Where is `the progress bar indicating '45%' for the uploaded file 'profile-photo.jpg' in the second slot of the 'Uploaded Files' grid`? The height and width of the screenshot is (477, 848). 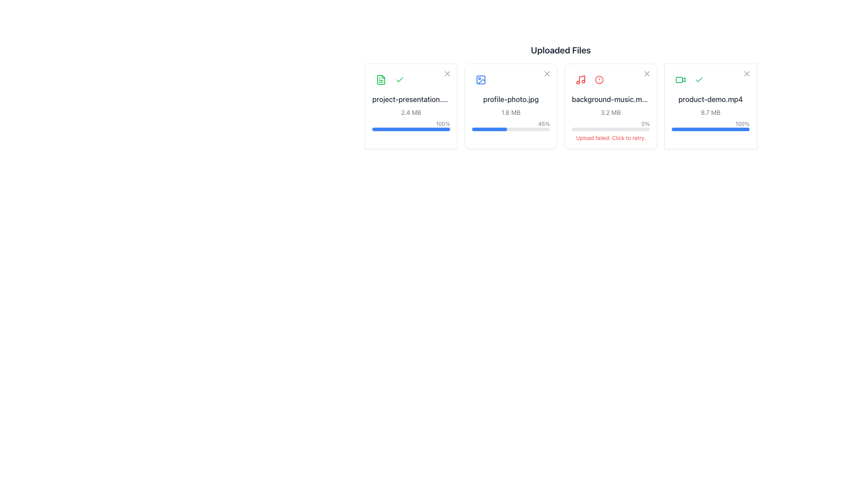
the progress bar indicating '45%' for the uploaded file 'profile-photo.jpg' in the second slot of the 'Uploaded Files' grid is located at coordinates (511, 126).